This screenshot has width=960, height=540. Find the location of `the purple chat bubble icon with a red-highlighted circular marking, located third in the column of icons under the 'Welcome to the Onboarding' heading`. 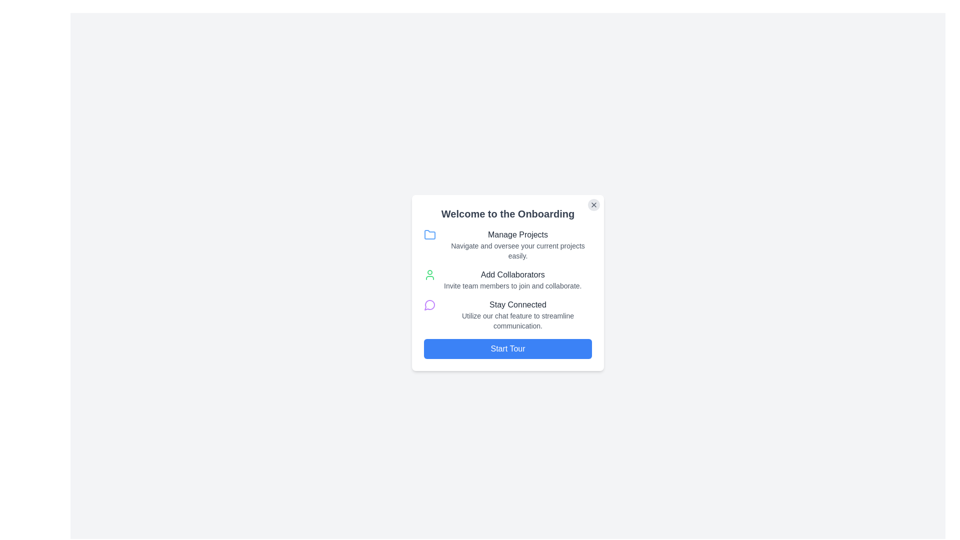

the purple chat bubble icon with a red-highlighted circular marking, located third in the column of icons under the 'Welcome to the Onboarding' heading is located at coordinates (429, 304).